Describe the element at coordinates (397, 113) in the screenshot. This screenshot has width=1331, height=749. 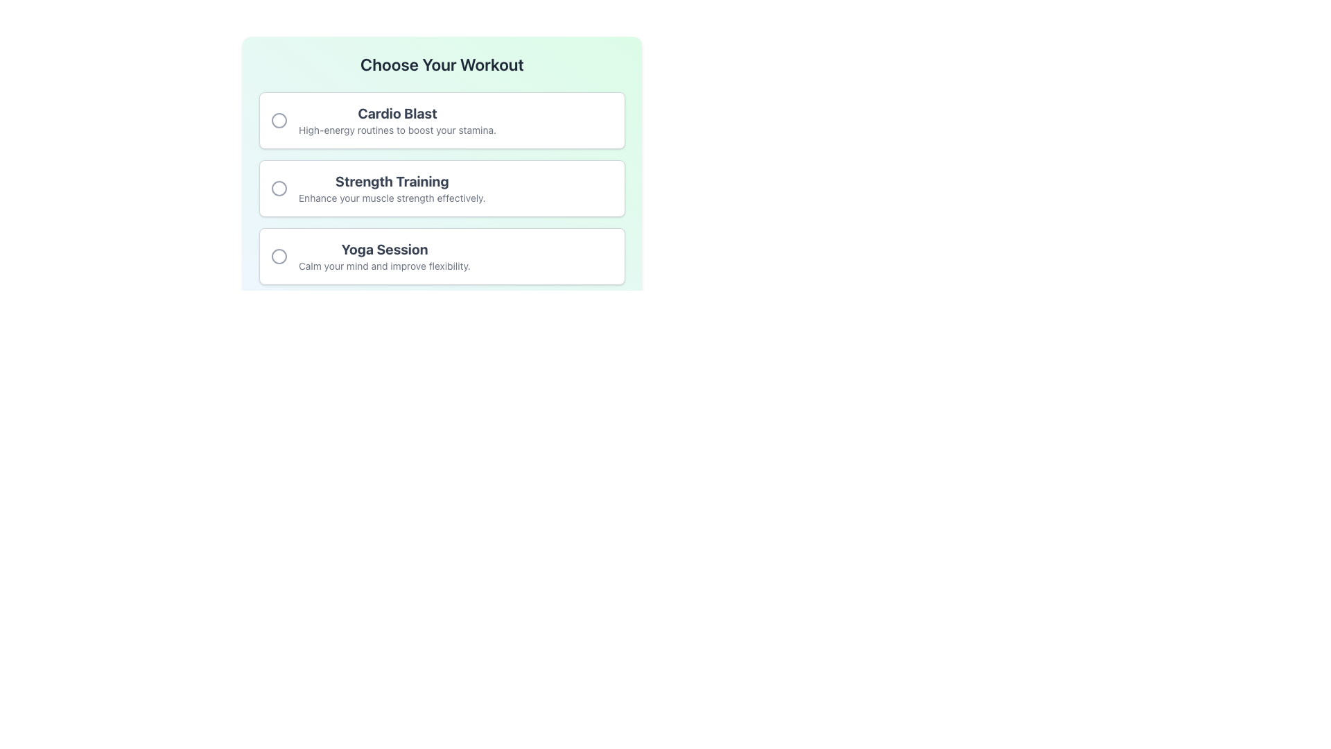
I see `the 'Cardio Blast' workout option label located beneath the 'Choose Your Workout' header in the selection menu` at that location.